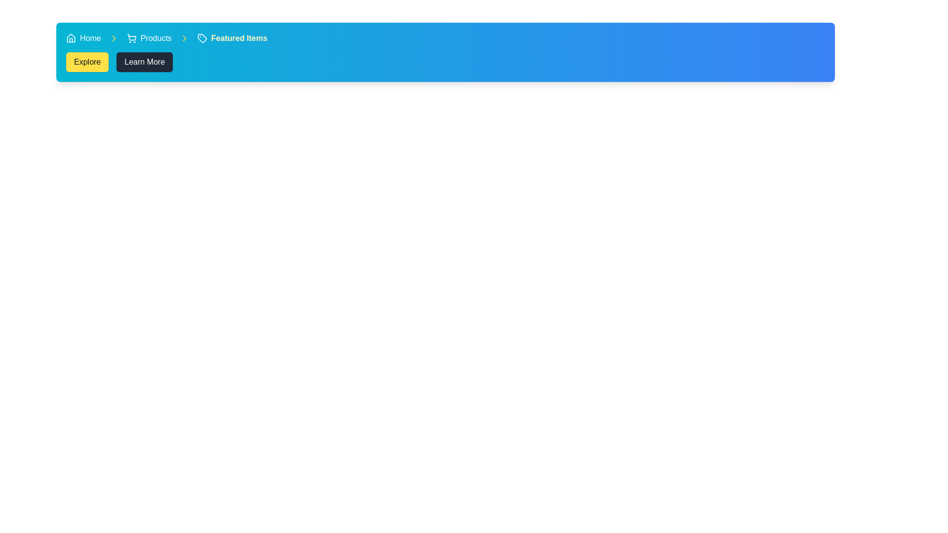 Image resolution: width=948 pixels, height=533 pixels. Describe the element at coordinates (184, 38) in the screenshot. I see `the navigation arrow element in the breadcrumb navigation bar, which is a triangular arrow shape pointing to the right and positioned between 'Products' and 'Featured Items'` at that location.